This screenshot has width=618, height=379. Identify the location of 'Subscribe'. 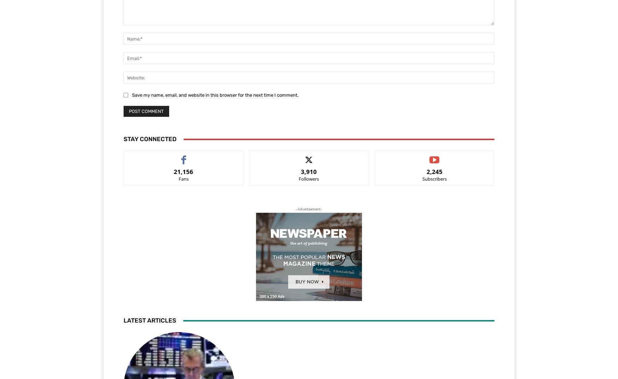
(424, 156).